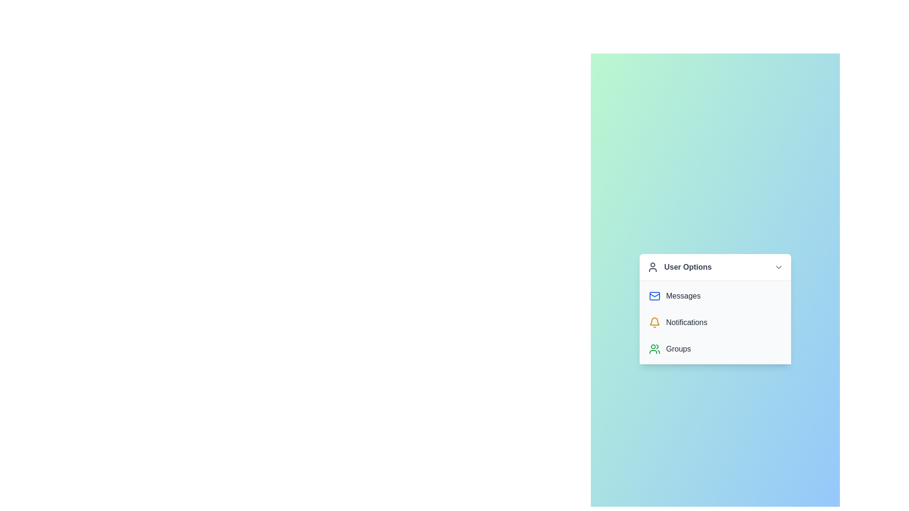  What do you see at coordinates (654, 295) in the screenshot?
I see `the 'Messages' icon in the User Options list, which is the first icon aligned with the text label 'Messages'` at bounding box center [654, 295].